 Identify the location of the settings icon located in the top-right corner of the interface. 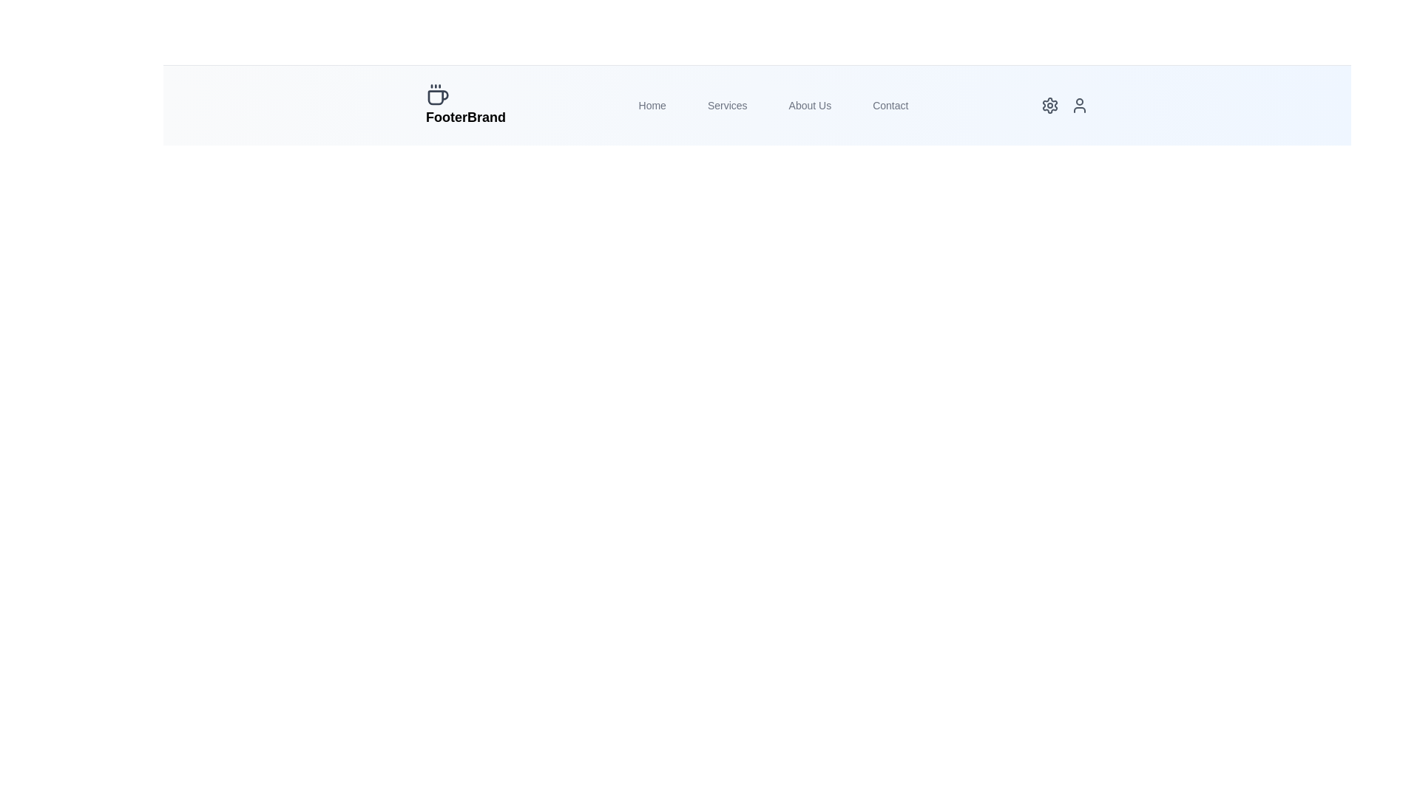
(1049, 104).